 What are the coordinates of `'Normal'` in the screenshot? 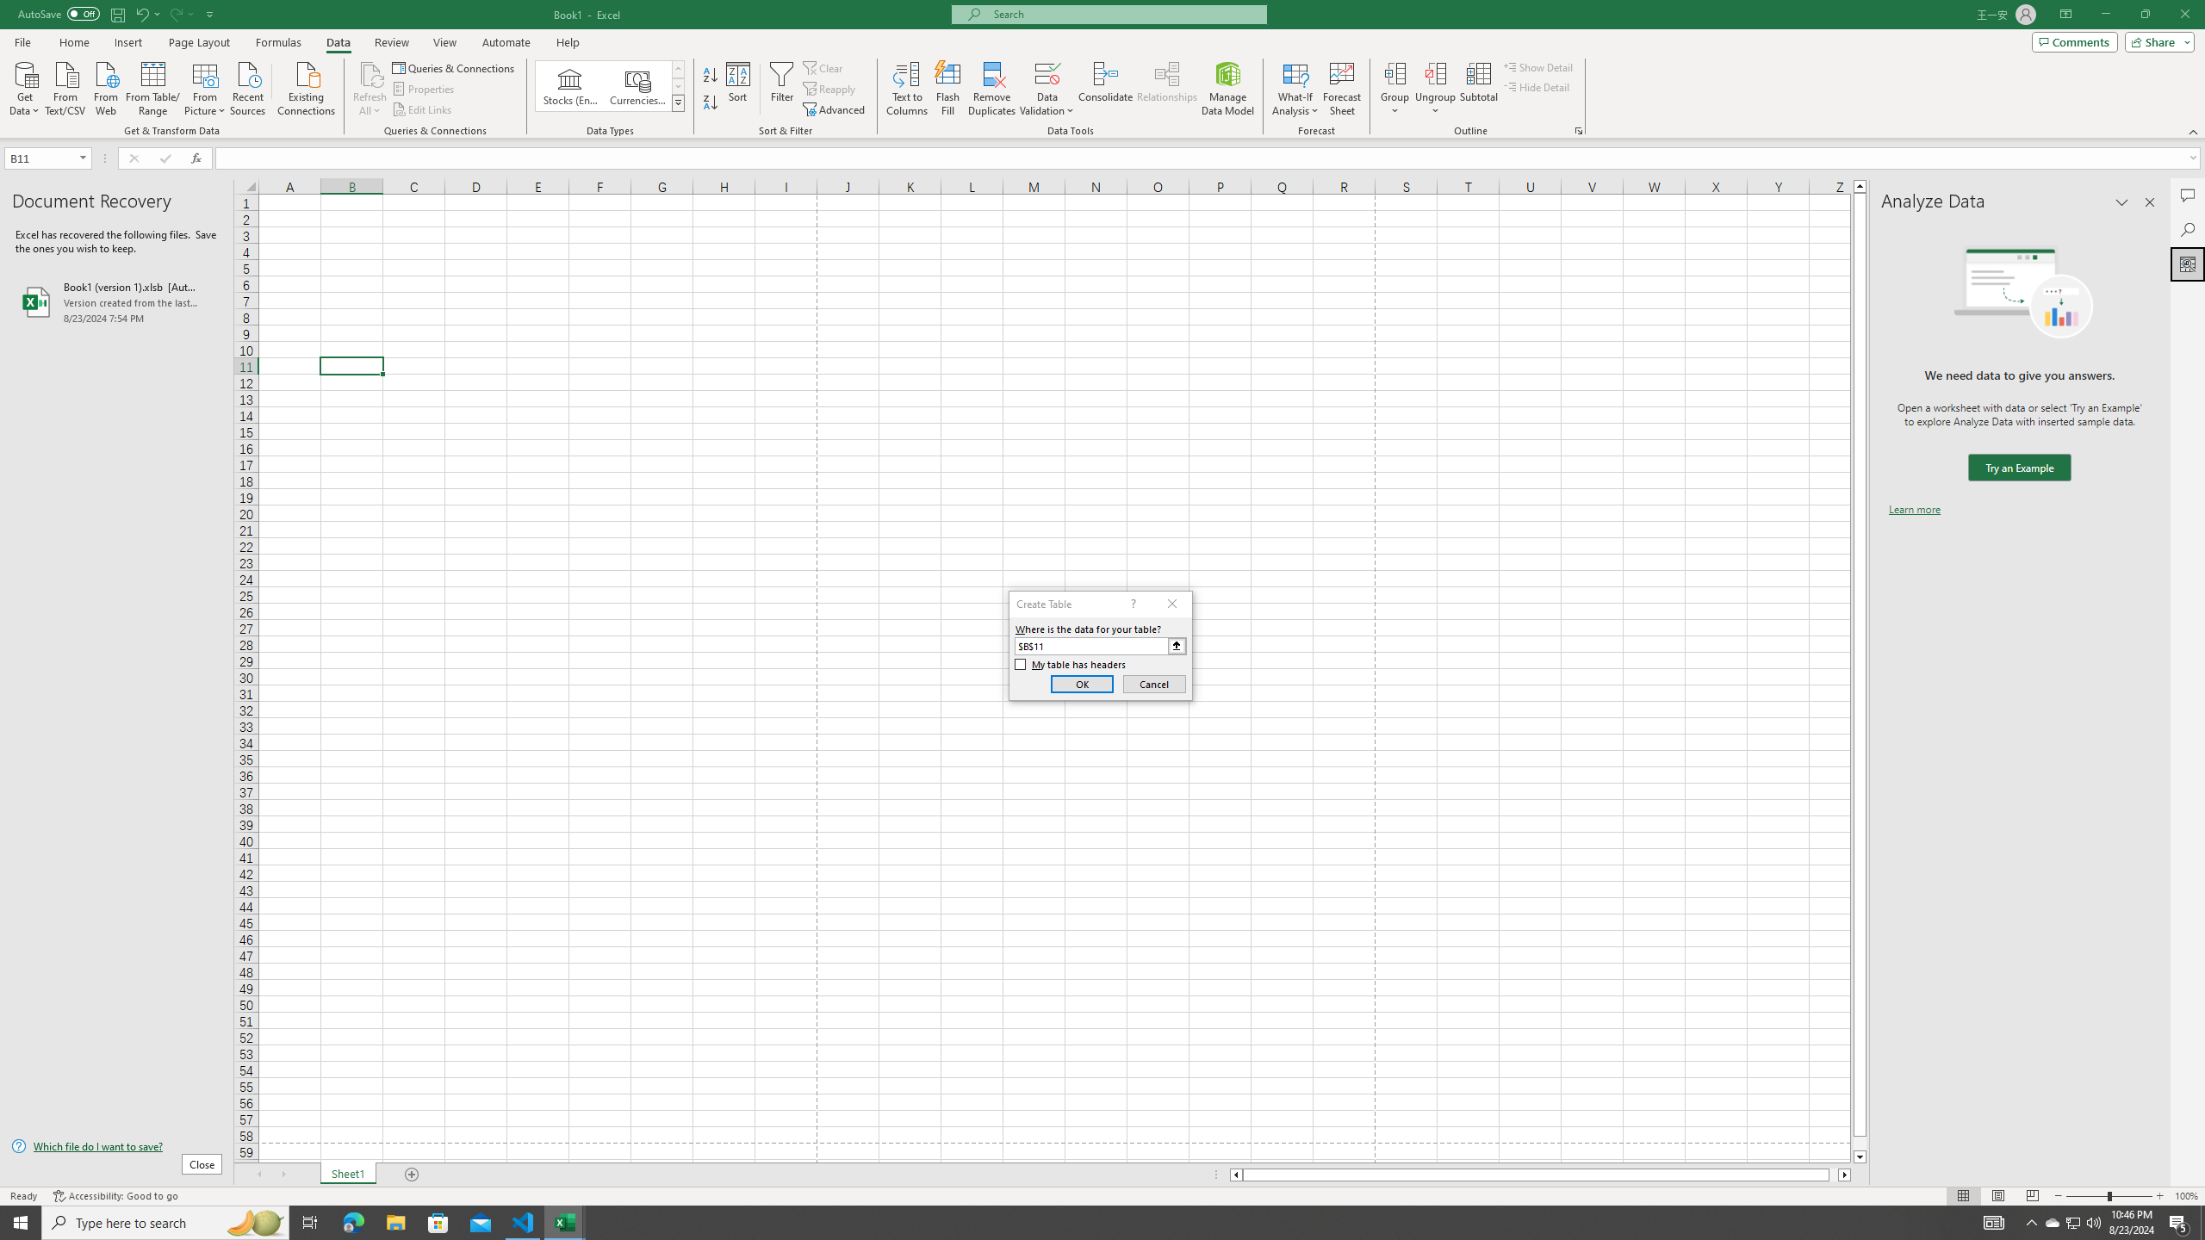 It's located at (1962, 1196).